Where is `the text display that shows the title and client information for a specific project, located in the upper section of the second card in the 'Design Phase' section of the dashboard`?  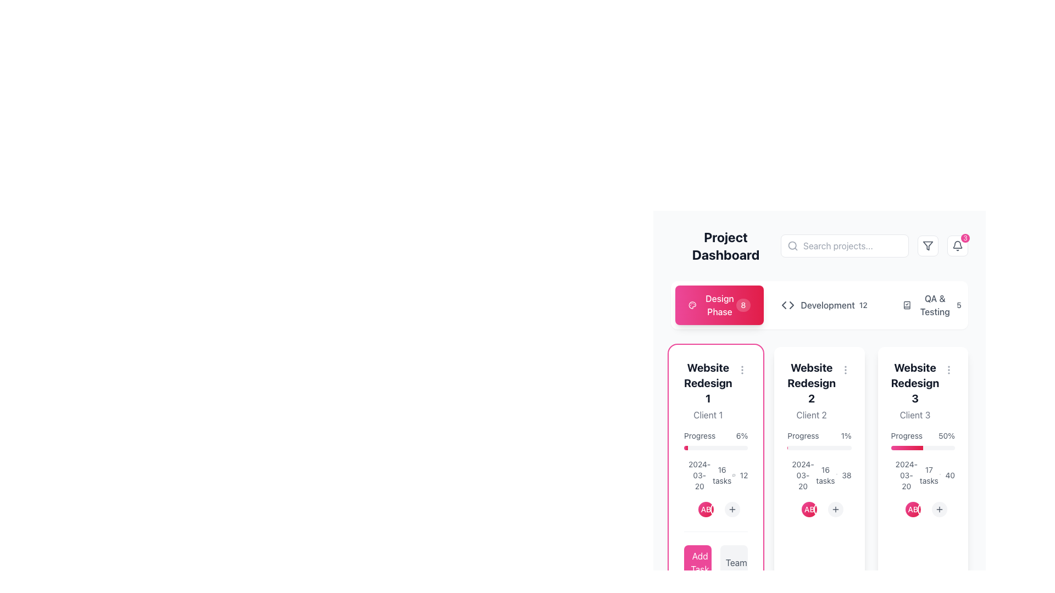 the text display that shows the title and client information for a specific project, located in the upper section of the second card in the 'Design Phase' section of the dashboard is located at coordinates (819, 390).